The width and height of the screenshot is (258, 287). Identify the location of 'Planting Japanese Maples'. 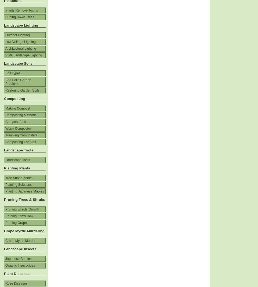
(5, 191).